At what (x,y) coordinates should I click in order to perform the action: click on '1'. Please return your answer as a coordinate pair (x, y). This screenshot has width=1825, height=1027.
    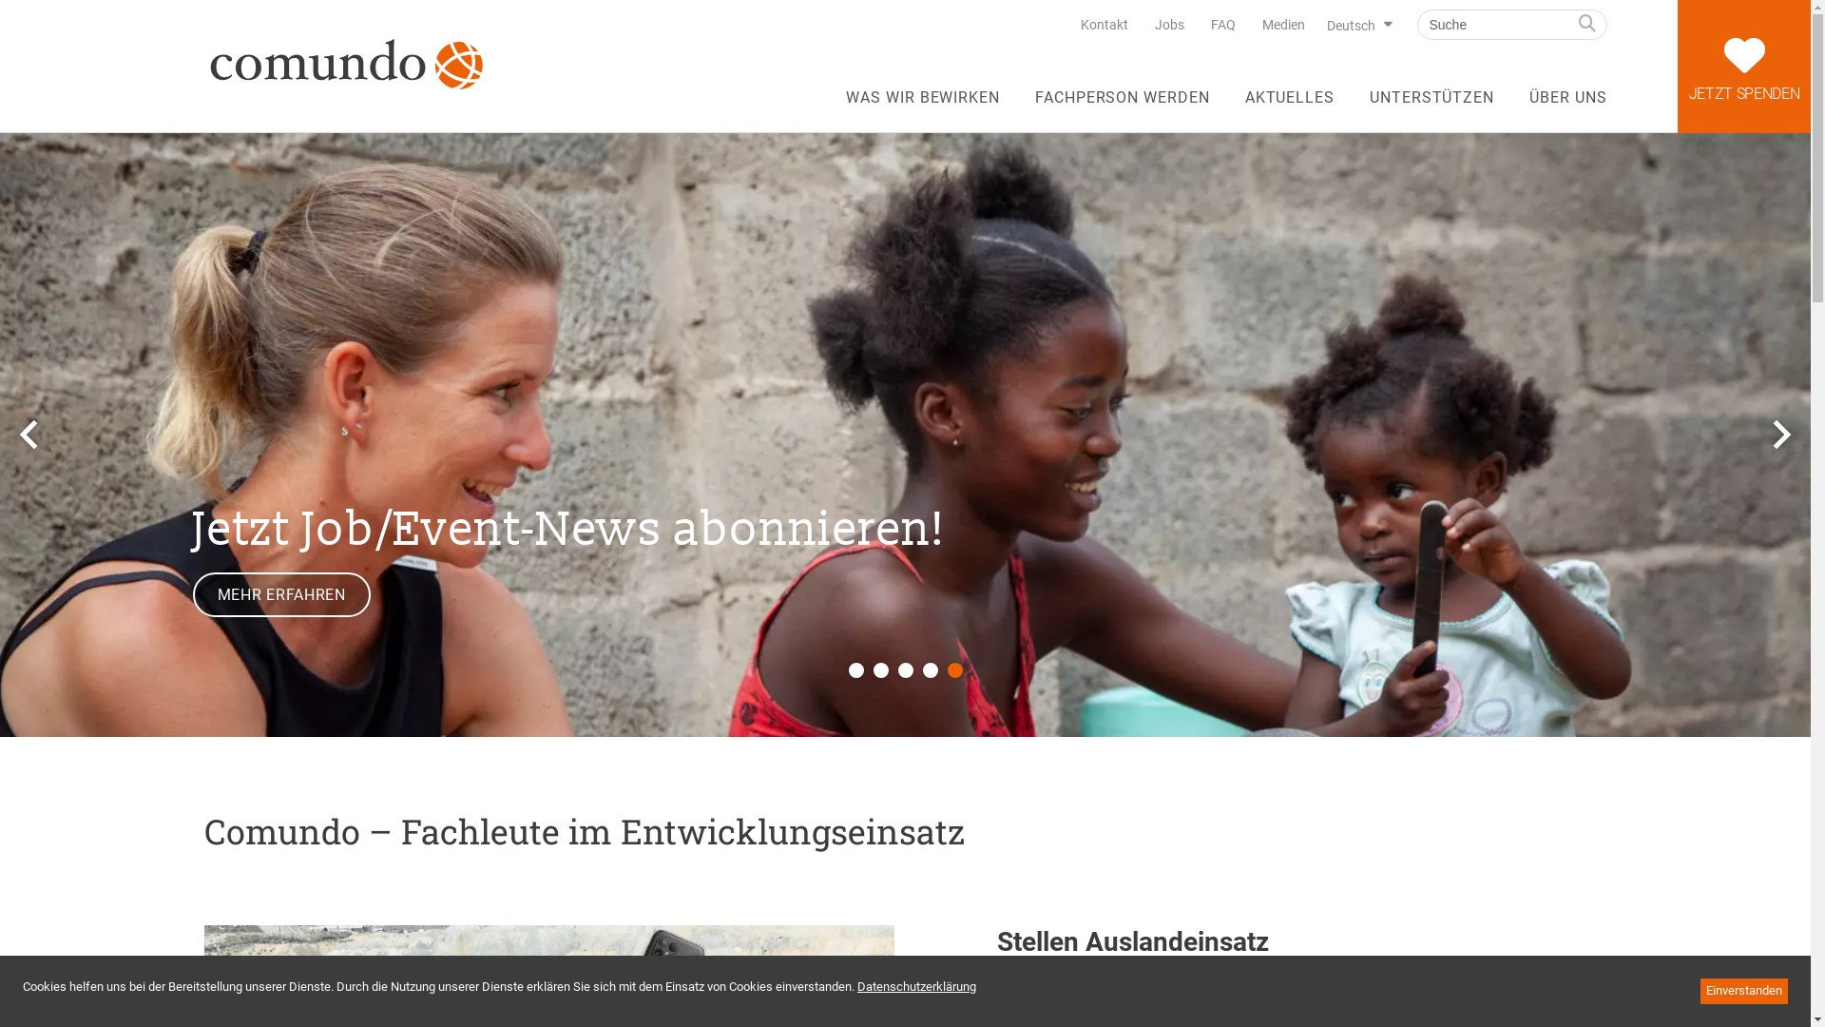
    Looking at the image, I should click on (855, 669).